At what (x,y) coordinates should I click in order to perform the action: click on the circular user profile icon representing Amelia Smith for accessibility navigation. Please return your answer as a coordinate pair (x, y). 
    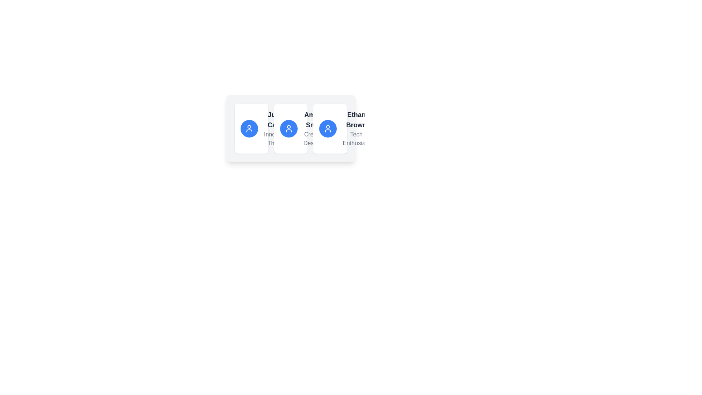
    Looking at the image, I should click on (288, 128).